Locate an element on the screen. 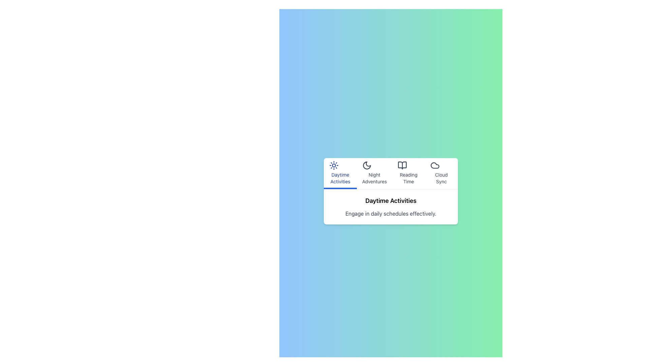  the crescent moon icon in the second position of the horizontal navigation bar, which represents the 'Night Adventures' section is located at coordinates (366, 165).